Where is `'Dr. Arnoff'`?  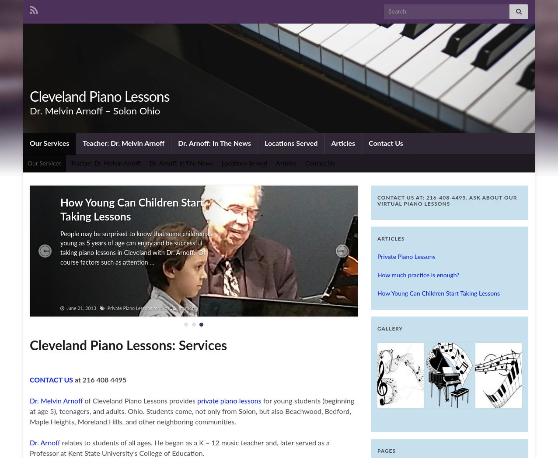 'Dr. Arnoff' is located at coordinates (44, 443).